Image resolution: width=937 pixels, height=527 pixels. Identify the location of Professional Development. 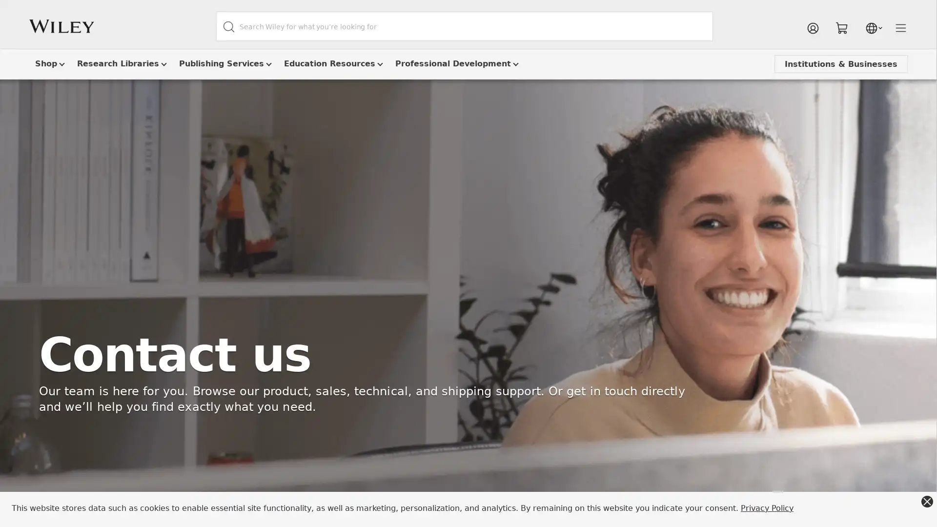
(456, 63).